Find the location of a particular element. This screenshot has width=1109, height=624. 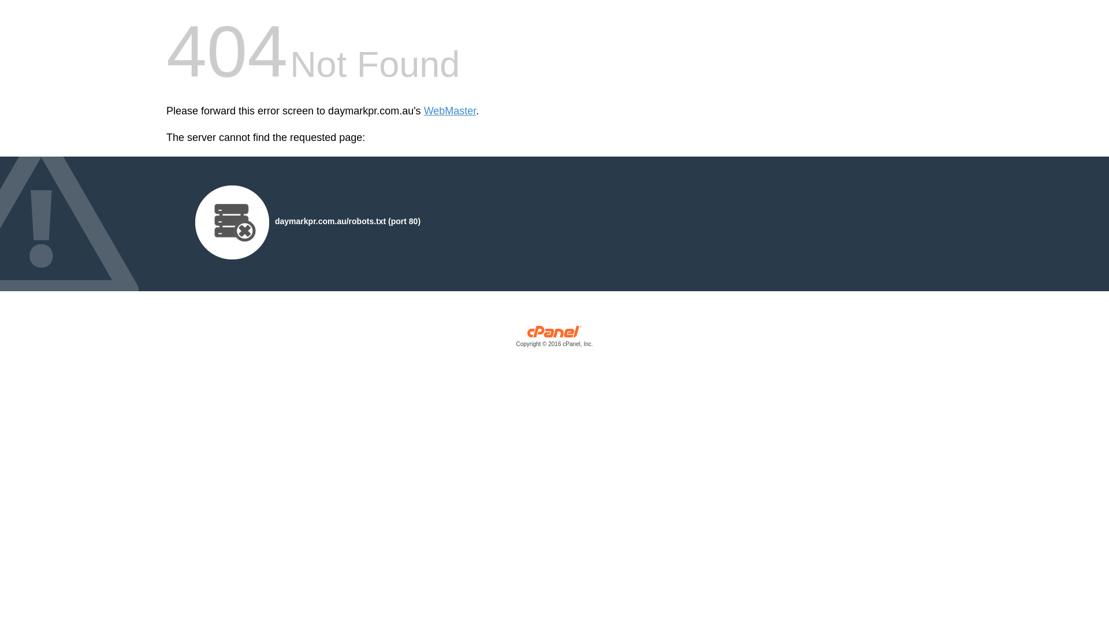

'WebMaster' is located at coordinates (449, 111).